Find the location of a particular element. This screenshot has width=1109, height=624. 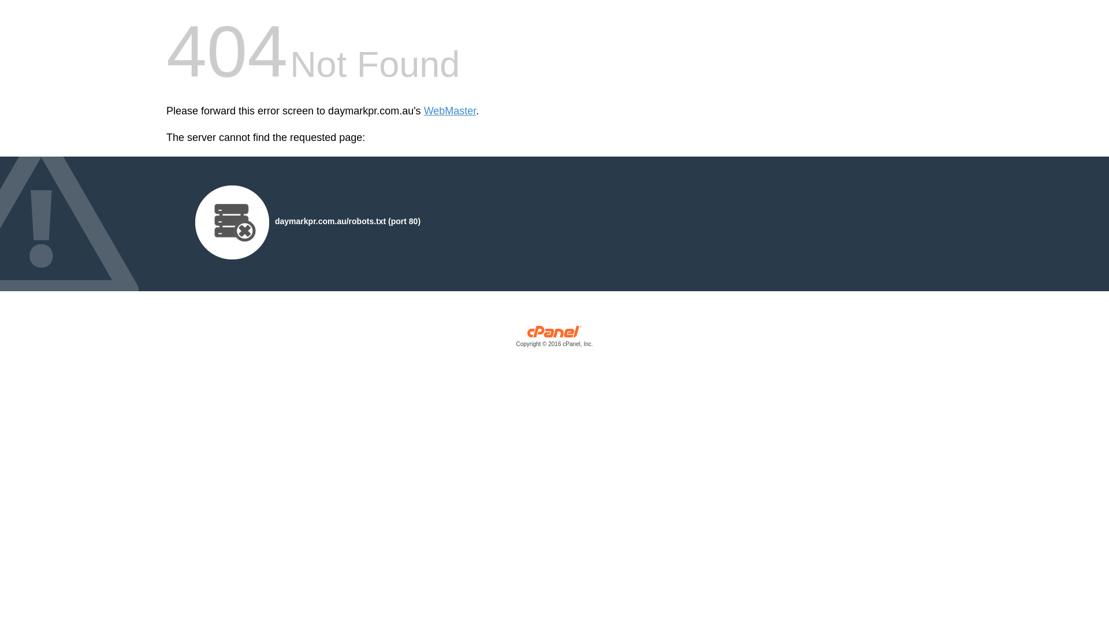

'WebMaster' is located at coordinates (449, 111).